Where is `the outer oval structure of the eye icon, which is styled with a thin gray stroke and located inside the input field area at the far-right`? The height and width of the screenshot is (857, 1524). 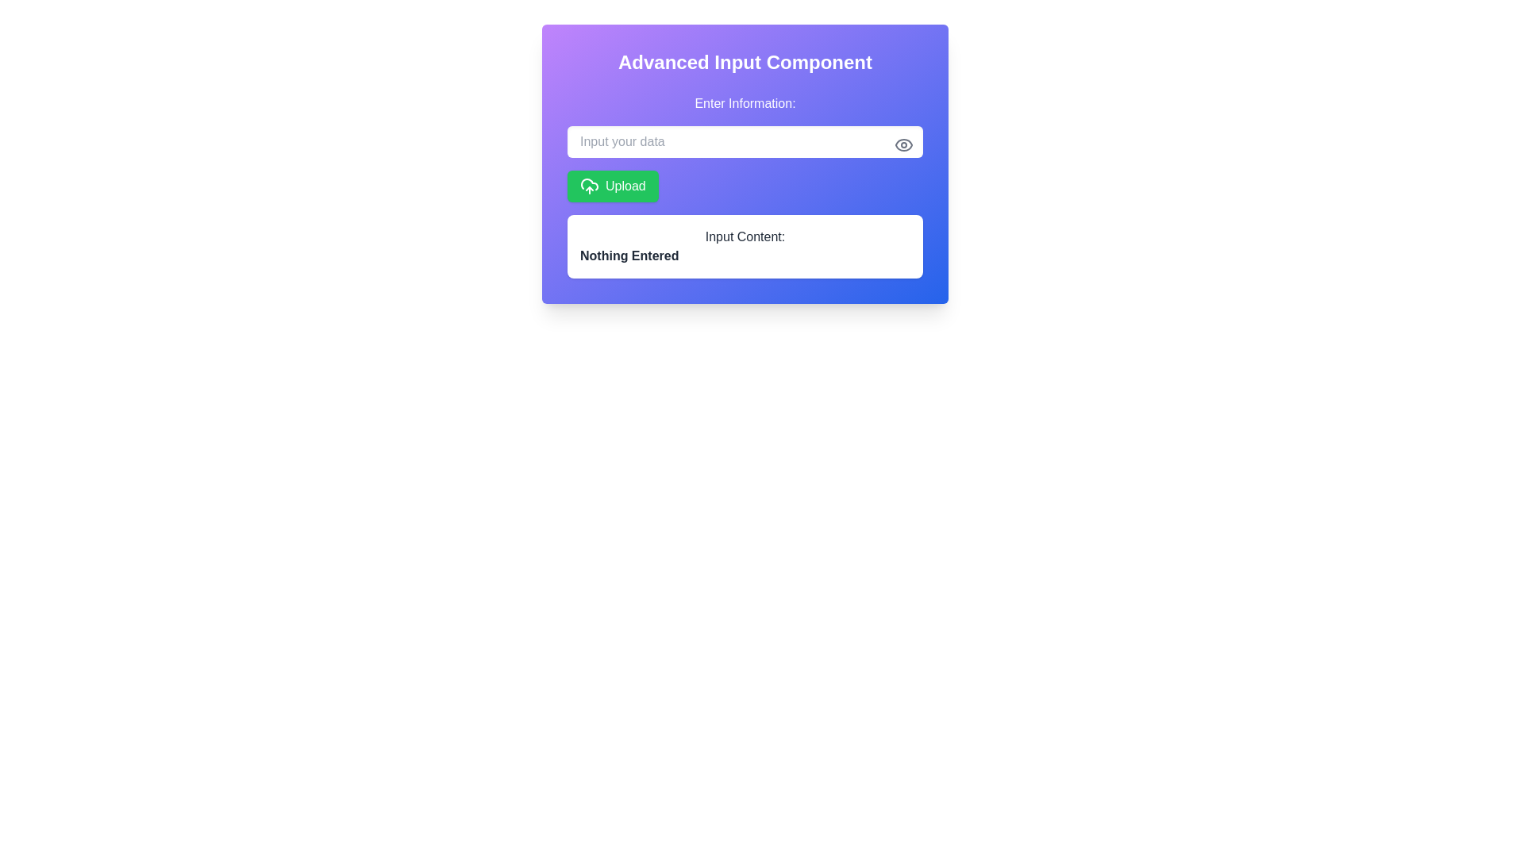 the outer oval structure of the eye icon, which is styled with a thin gray stroke and located inside the input field area at the far-right is located at coordinates (903, 144).